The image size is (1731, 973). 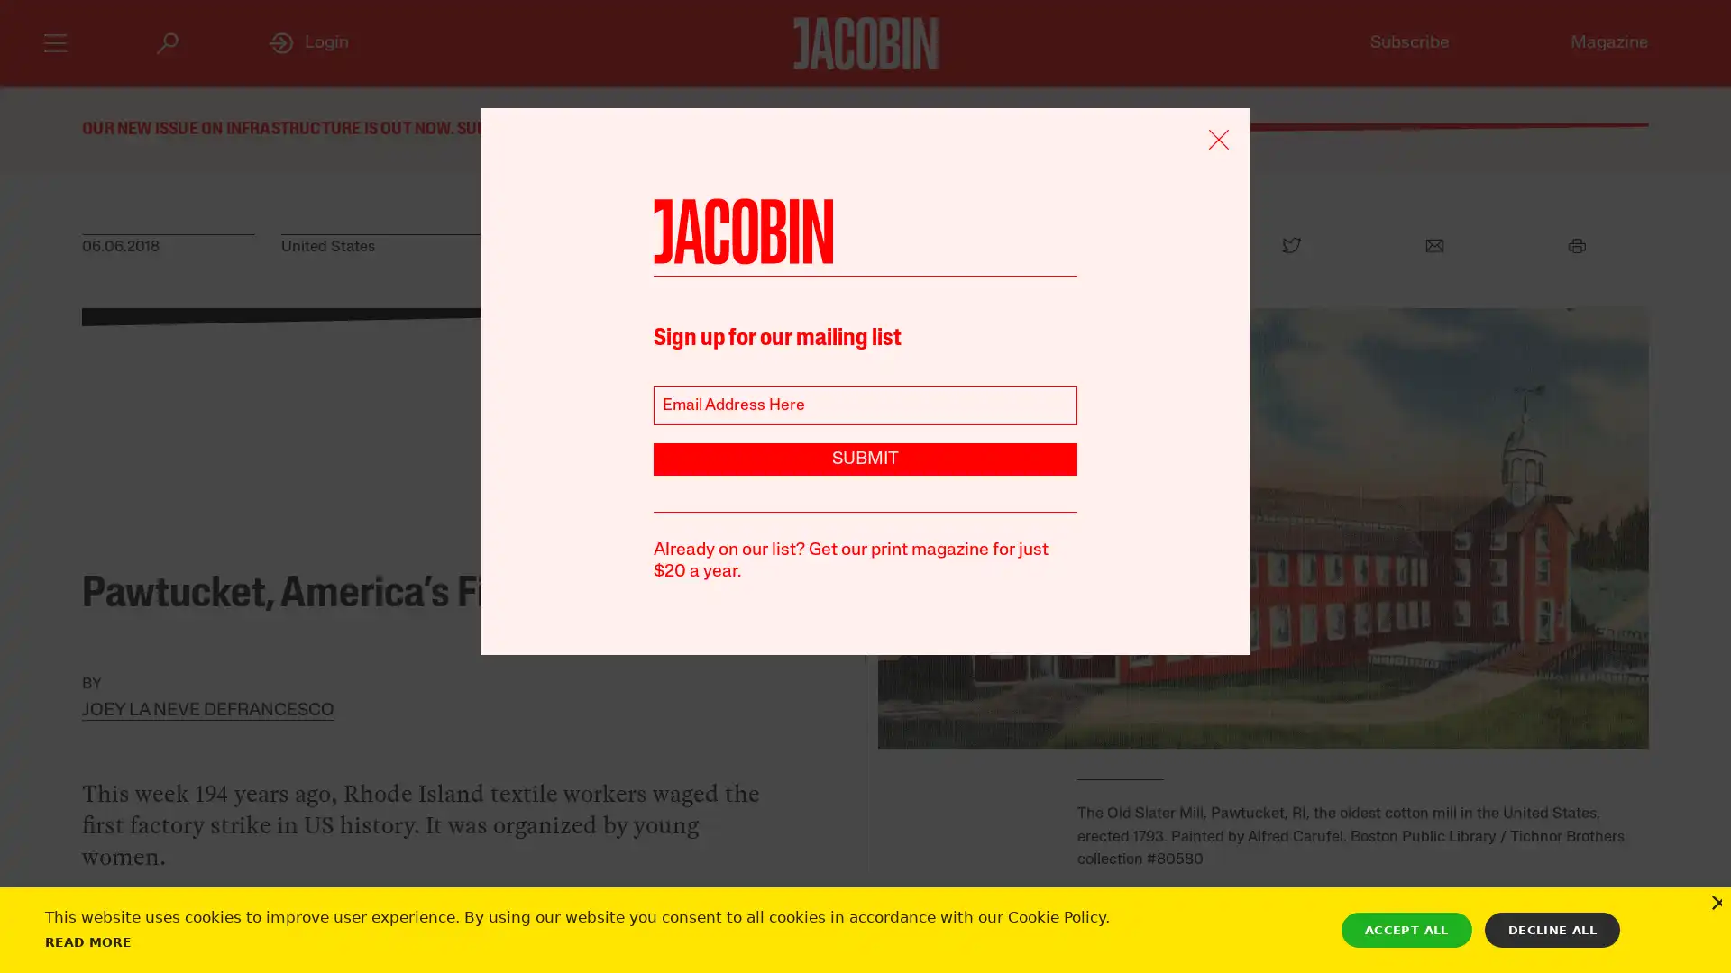 What do you see at coordinates (1405, 929) in the screenshot?
I see `ACCEPT ALL` at bounding box center [1405, 929].